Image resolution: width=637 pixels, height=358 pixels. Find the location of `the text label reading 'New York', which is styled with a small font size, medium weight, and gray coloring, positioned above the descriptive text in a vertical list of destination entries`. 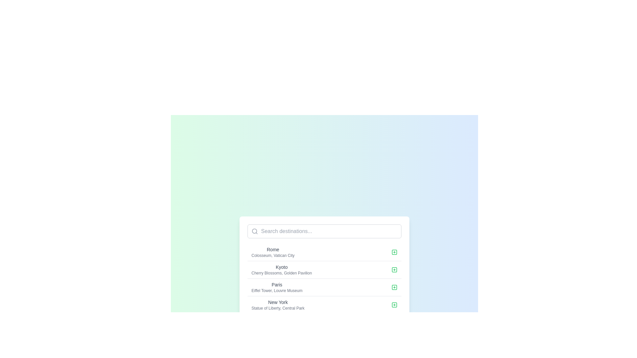

the text label reading 'New York', which is styled with a small font size, medium weight, and gray coloring, positioned above the descriptive text in a vertical list of destination entries is located at coordinates (278, 302).